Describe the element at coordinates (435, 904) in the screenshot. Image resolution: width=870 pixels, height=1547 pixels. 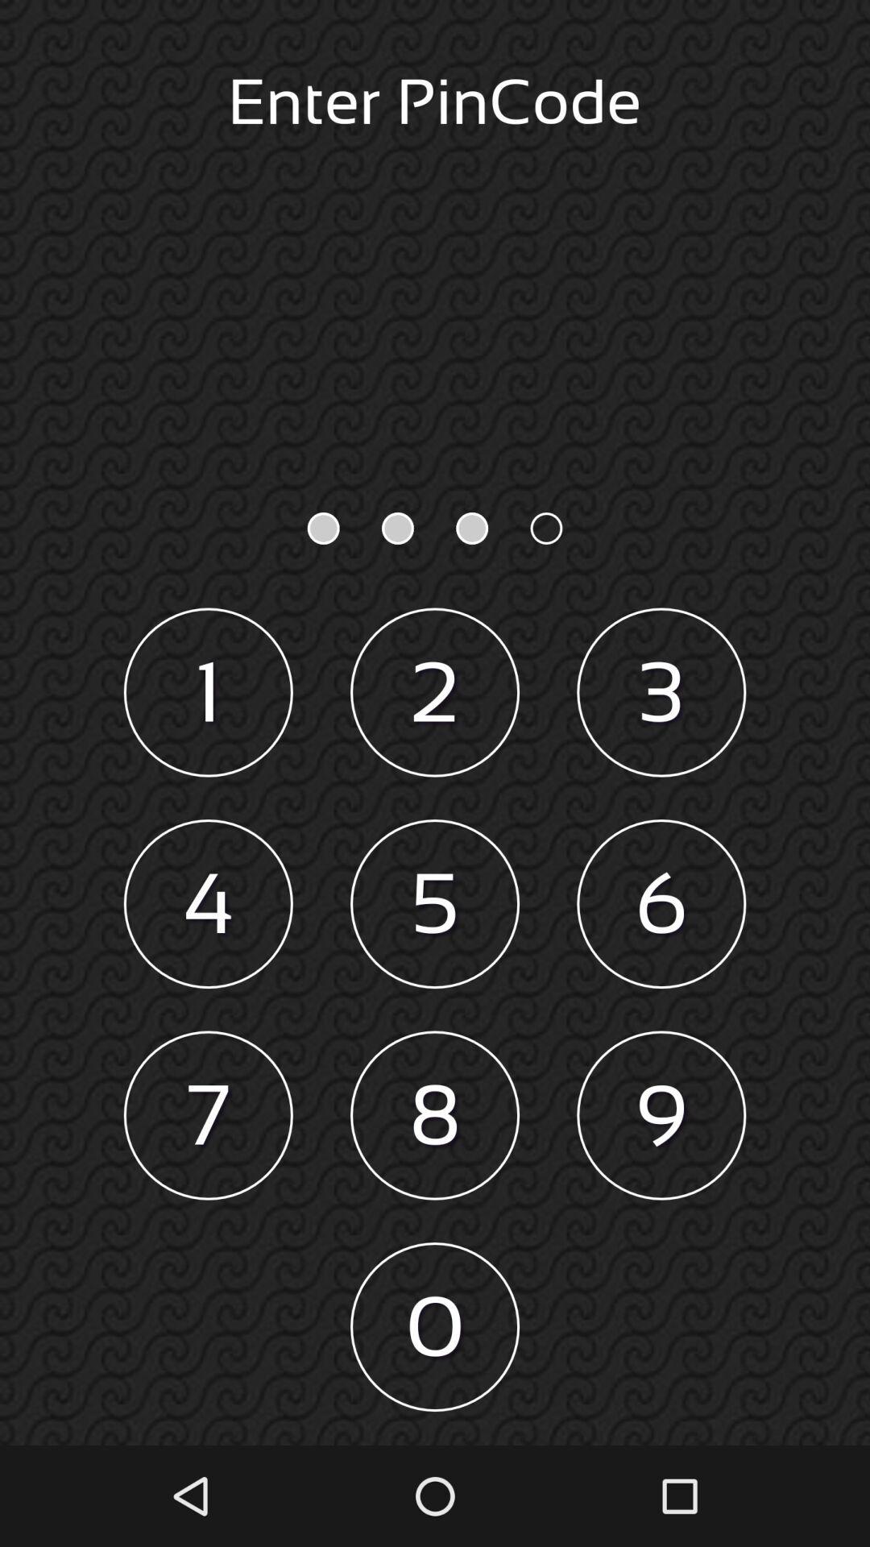
I see `the icon to the left of 6 item` at that location.